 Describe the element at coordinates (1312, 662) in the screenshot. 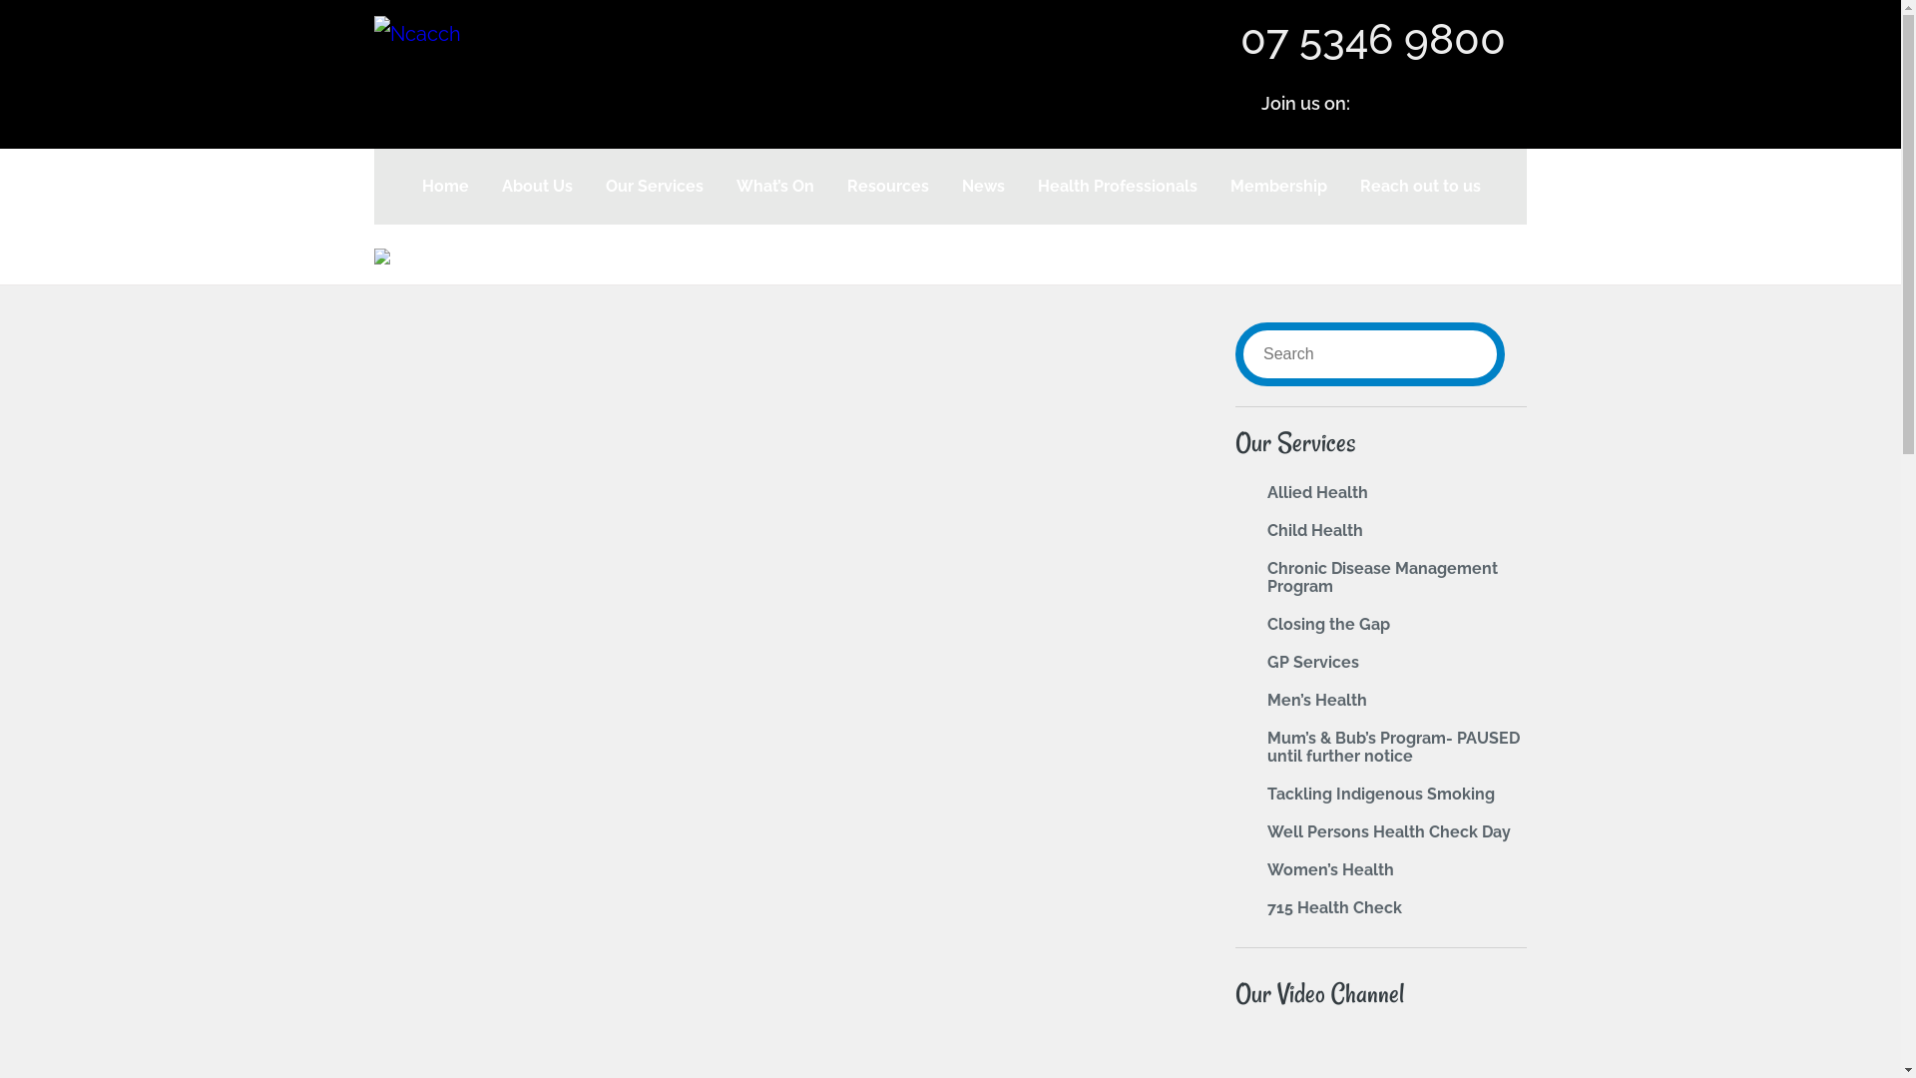

I see `'GP Services'` at that location.